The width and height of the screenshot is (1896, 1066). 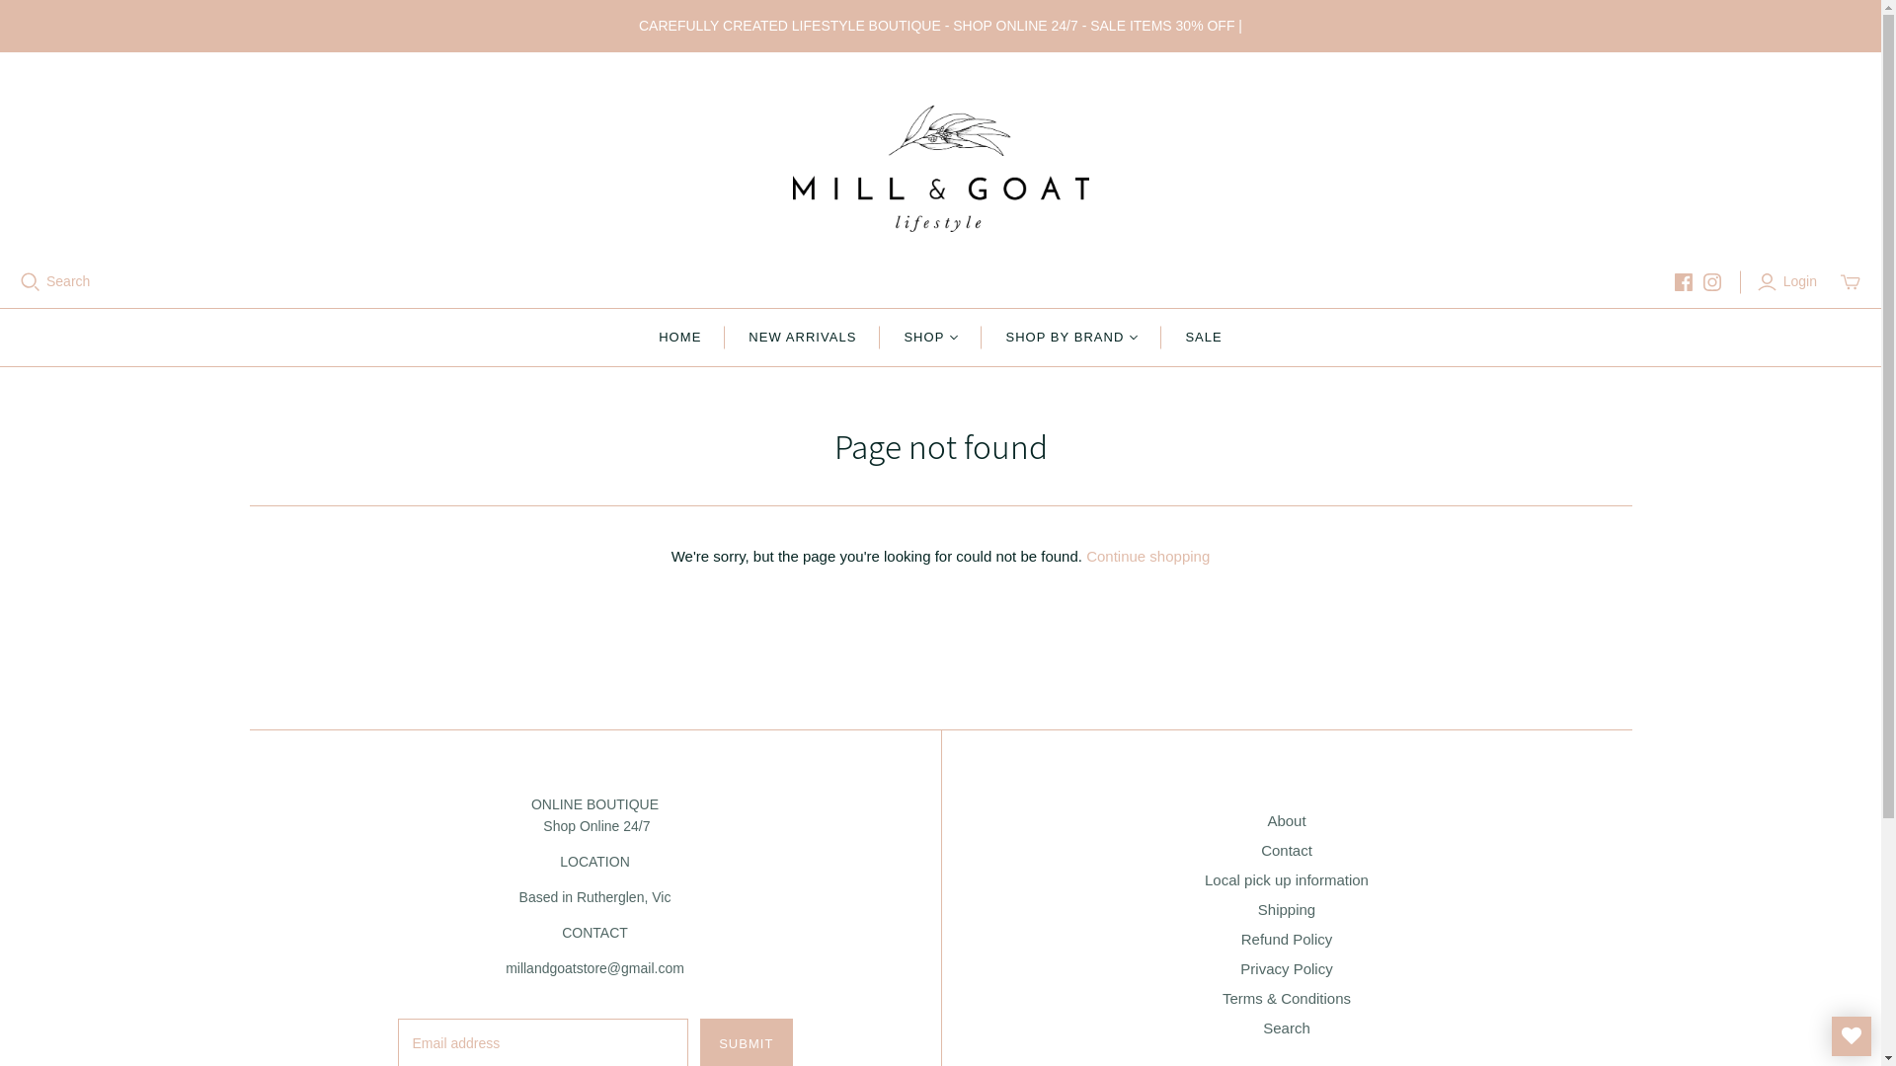 I want to click on 'SALE', so click(x=1202, y=337).